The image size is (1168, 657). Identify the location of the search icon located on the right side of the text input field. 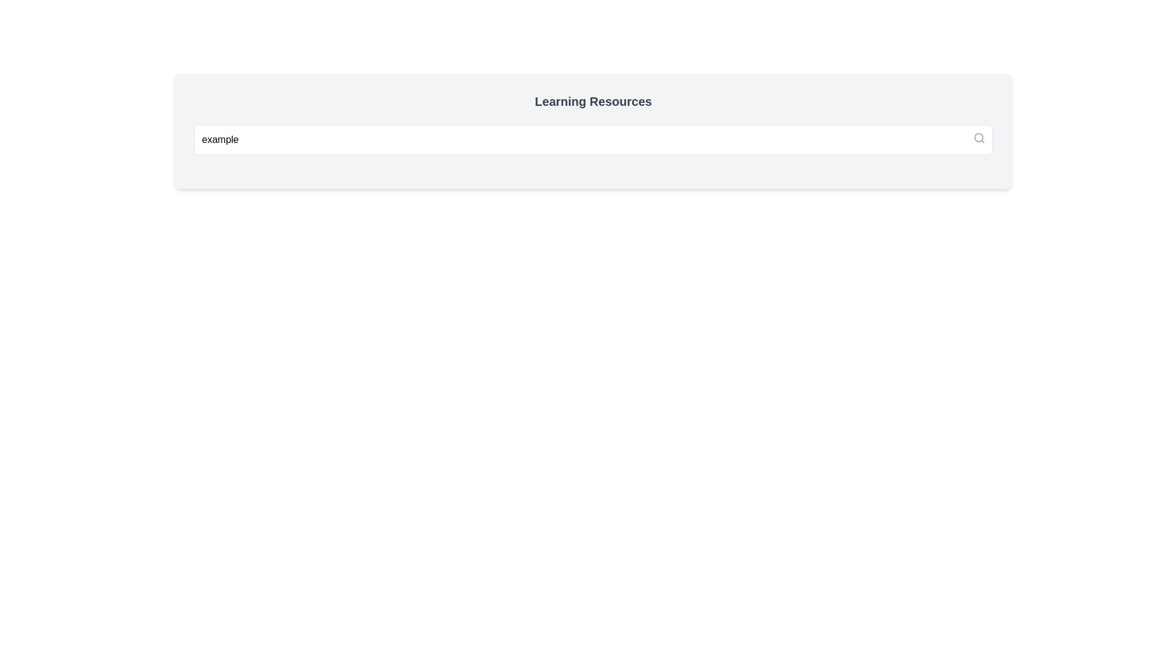
(979, 137).